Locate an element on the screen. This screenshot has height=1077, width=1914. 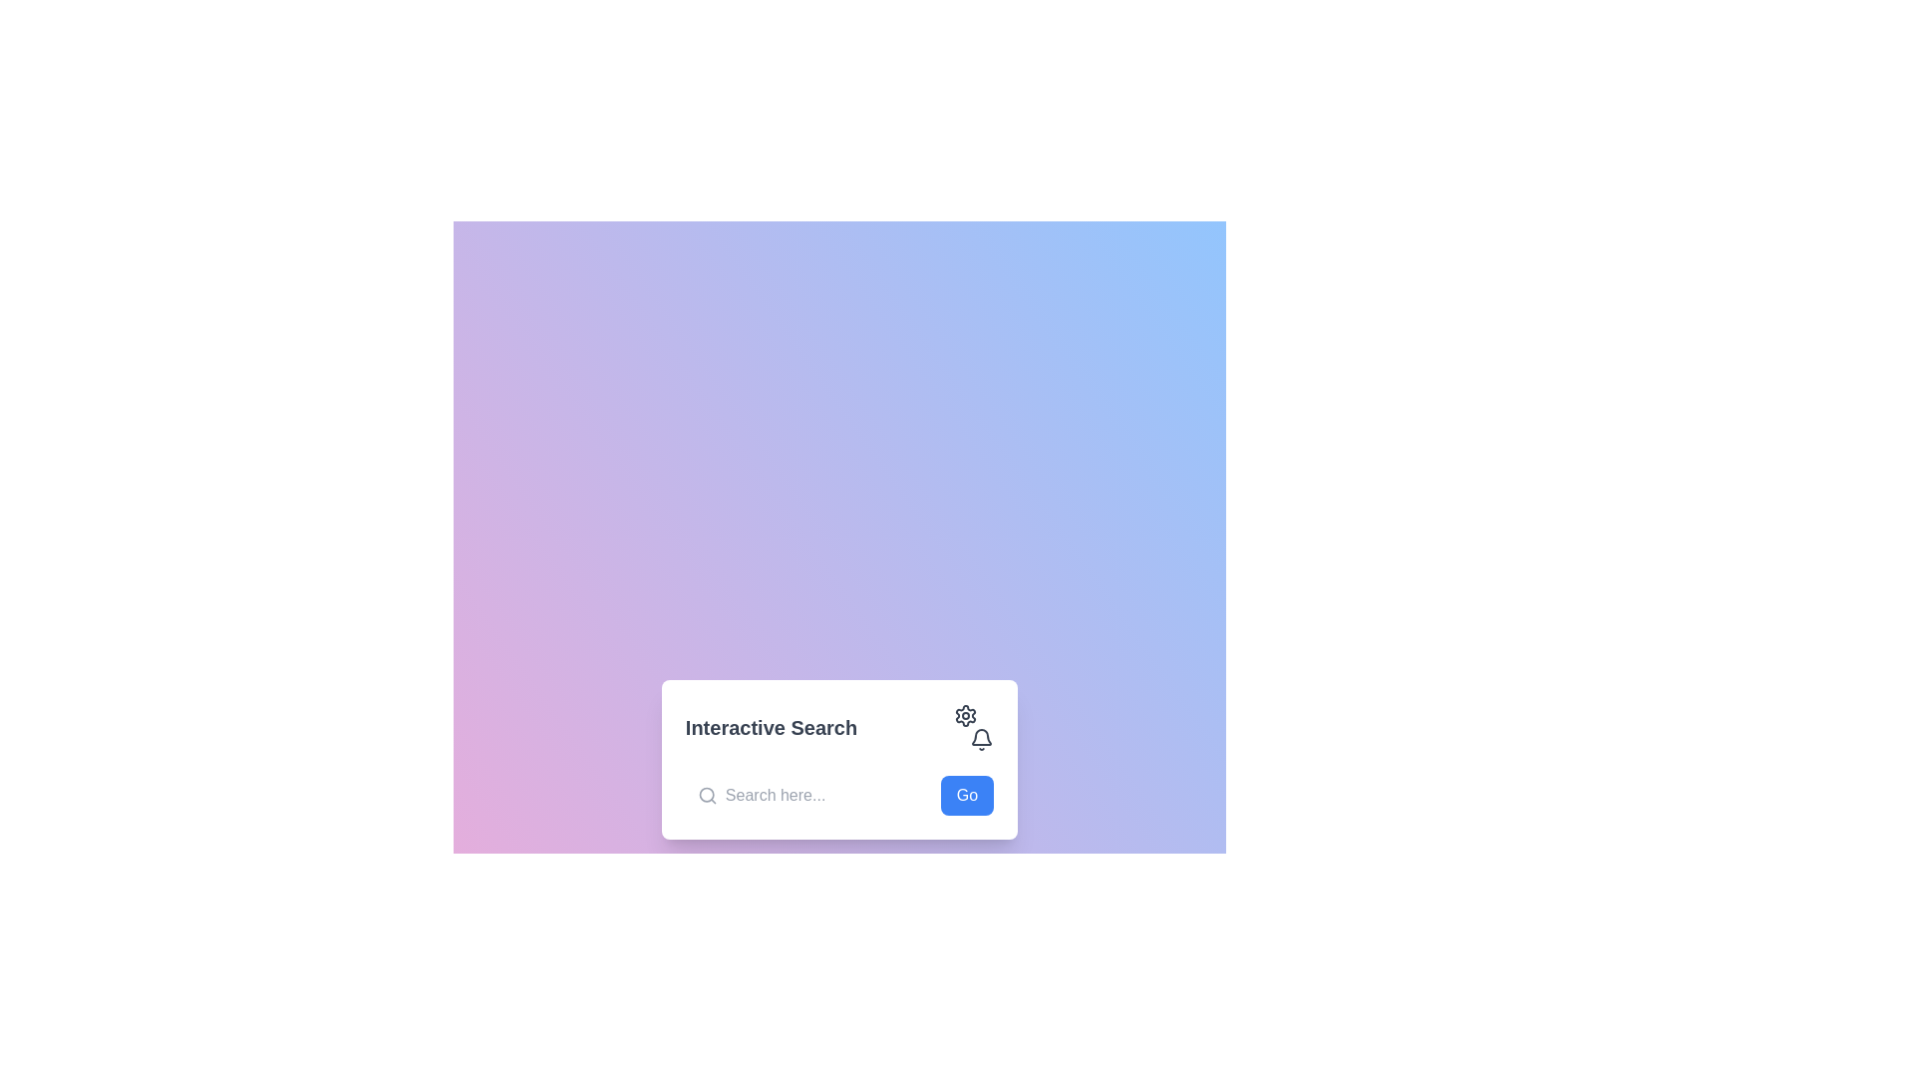
the search submit button located to the far right of the search input box to observe the color change is located at coordinates (967, 795).